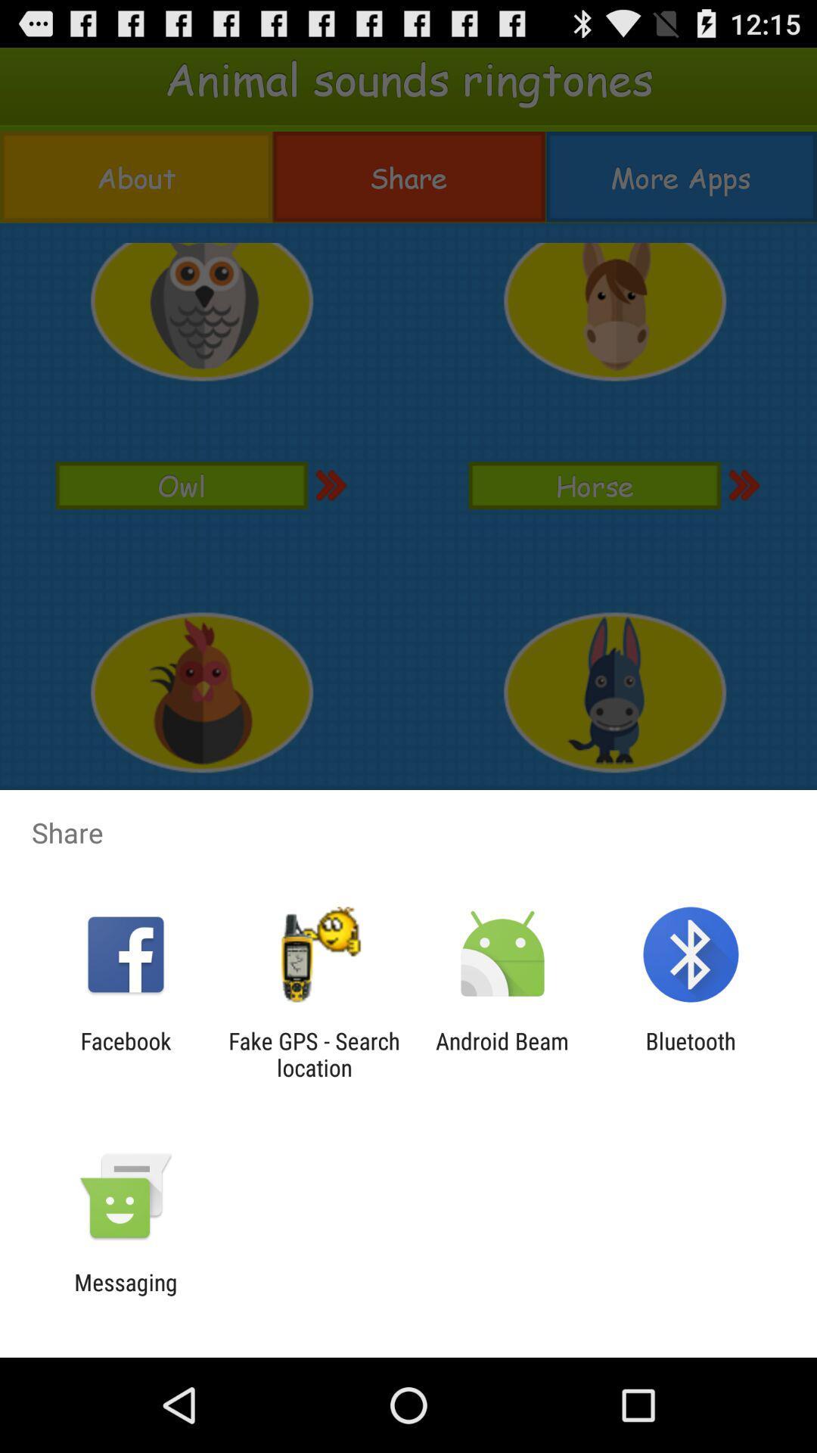  I want to click on the app next to facebook icon, so click(313, 1053).